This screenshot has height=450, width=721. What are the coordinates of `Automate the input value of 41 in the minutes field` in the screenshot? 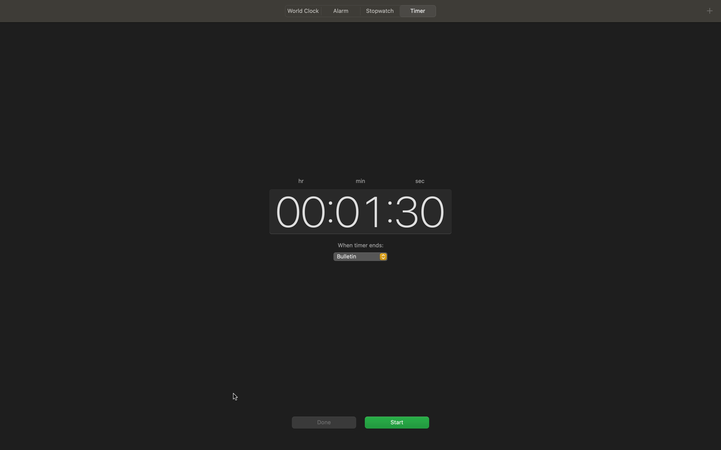 It's located at (358, 211).